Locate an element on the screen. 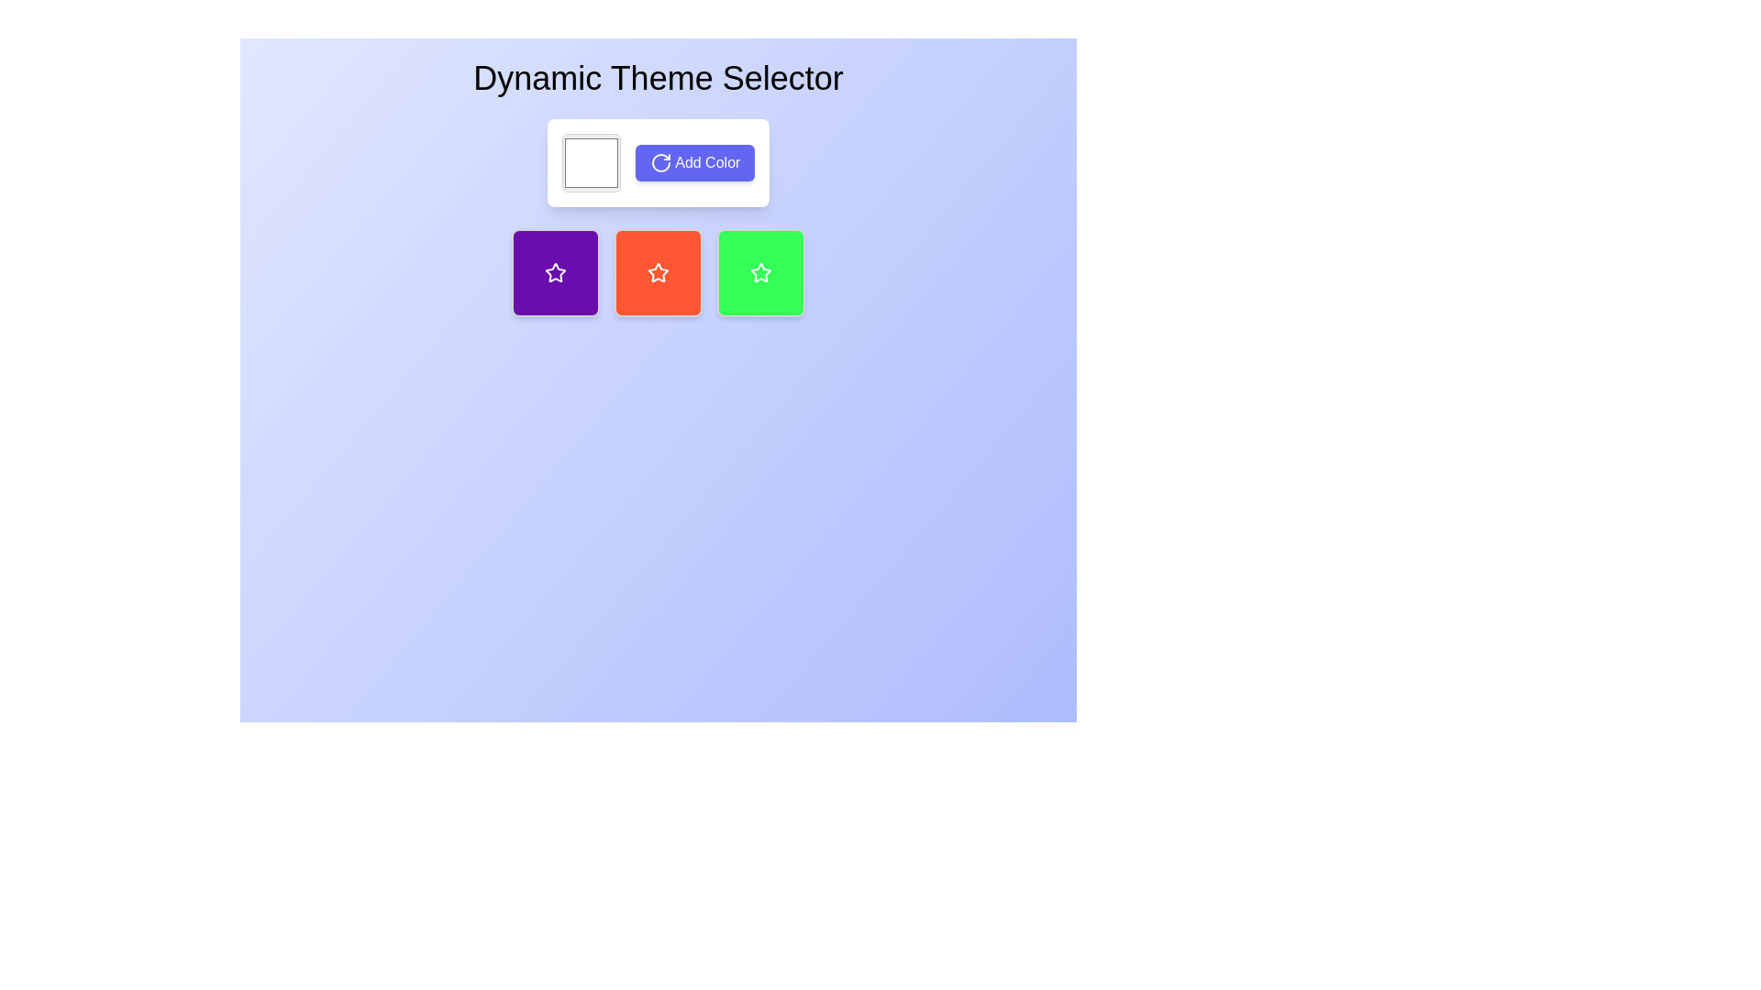 This screenshot has width=1761, height=990. the square orange button with a white star icon, located centrally in a grid of three buttons beneath the 'Dynamic Theme Selector' title is located at coordinates (659, 272).